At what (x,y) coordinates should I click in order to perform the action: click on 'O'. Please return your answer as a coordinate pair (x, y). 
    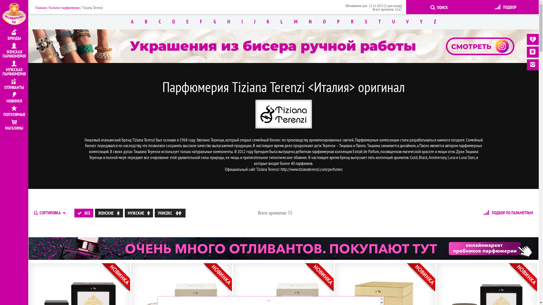
    Looking at the image, I should click on (317, 21).